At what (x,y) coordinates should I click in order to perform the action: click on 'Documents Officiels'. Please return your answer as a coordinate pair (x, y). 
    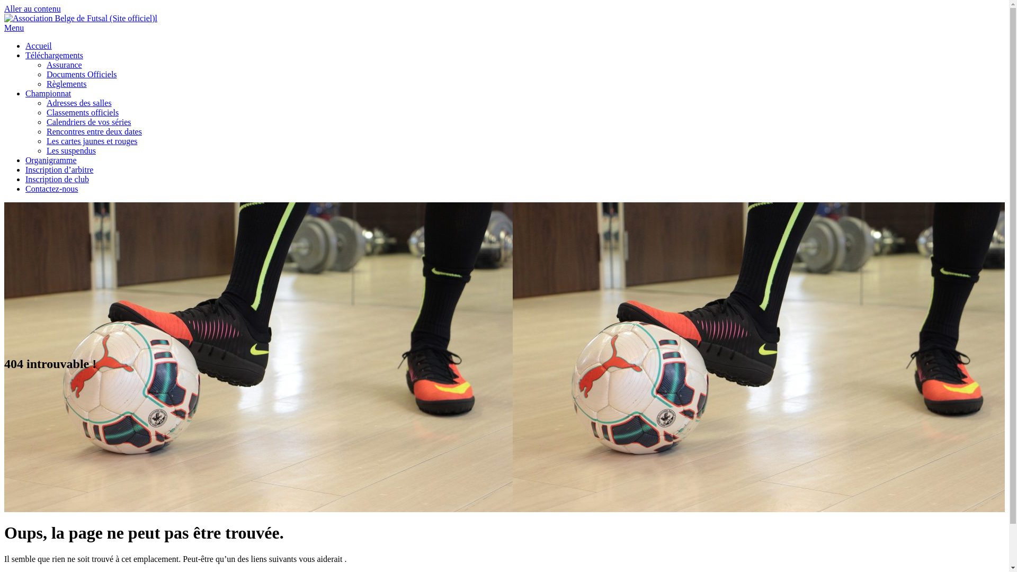
    Looking at the image, I should click on (81, 74).